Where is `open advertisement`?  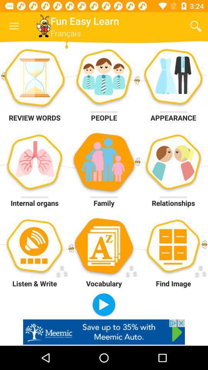 open advertisement is located at coordinates (104, 331).